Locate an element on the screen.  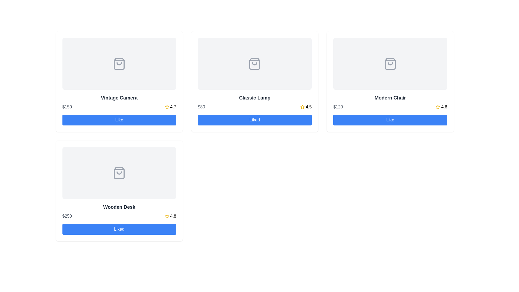
text label 'Classic Lamp' which is displayed in bold font, located in the second column of the top row of a card layout, above the button titled 'Liked' is located at coordinates (254, 102).